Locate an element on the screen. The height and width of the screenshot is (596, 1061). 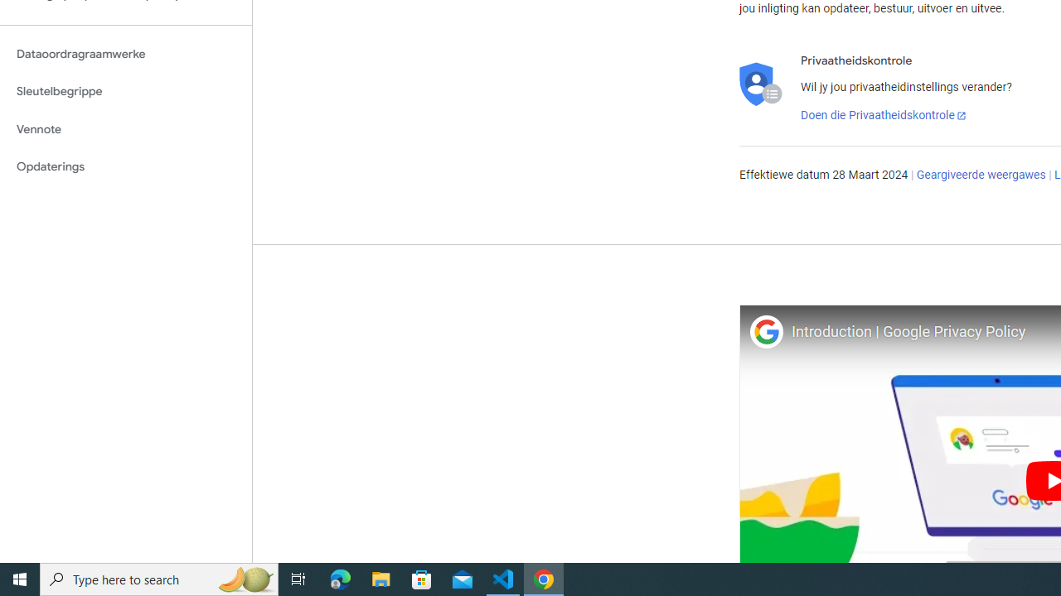
'Geargiveerde weergawes' is located at coordinates (981, 175).